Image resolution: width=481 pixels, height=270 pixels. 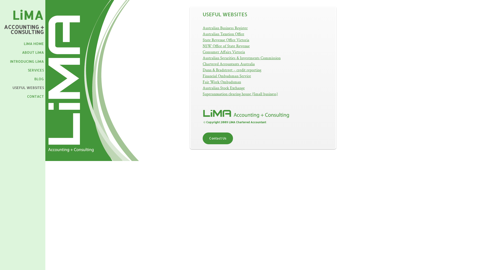 I want to click on 'ABOUT LiMA', so click(x=33, y=52).